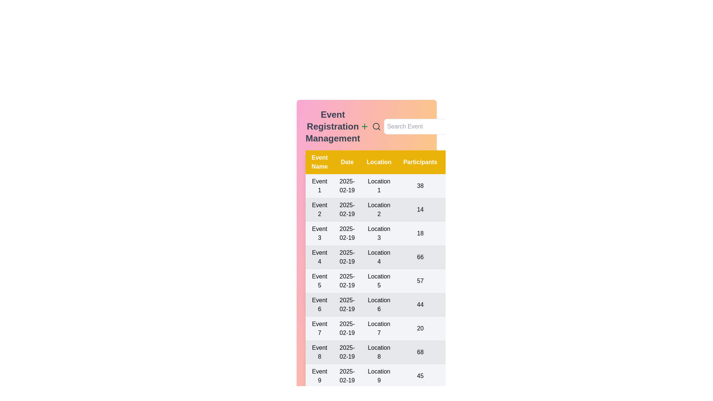 The height and width of the screenshot is (401, 713). What do you see at coordinates (319, 162) in the screenshot?
I see `the header of the column 'Event Name' to sort the table by that column` at bounding box center [319, 162].